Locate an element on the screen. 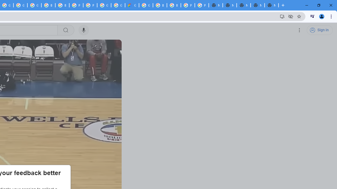  'Settings' is located at coordinates (299, 30).